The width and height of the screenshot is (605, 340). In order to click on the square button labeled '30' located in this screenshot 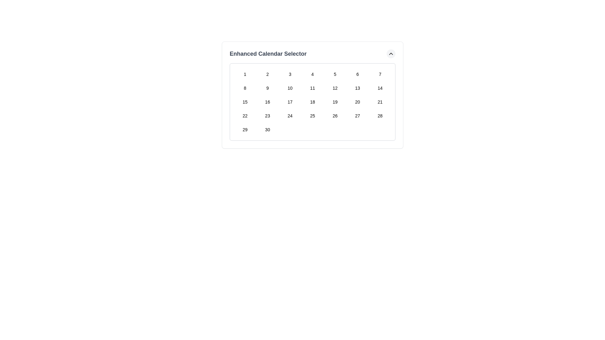, I will do `click(268, 129)`.